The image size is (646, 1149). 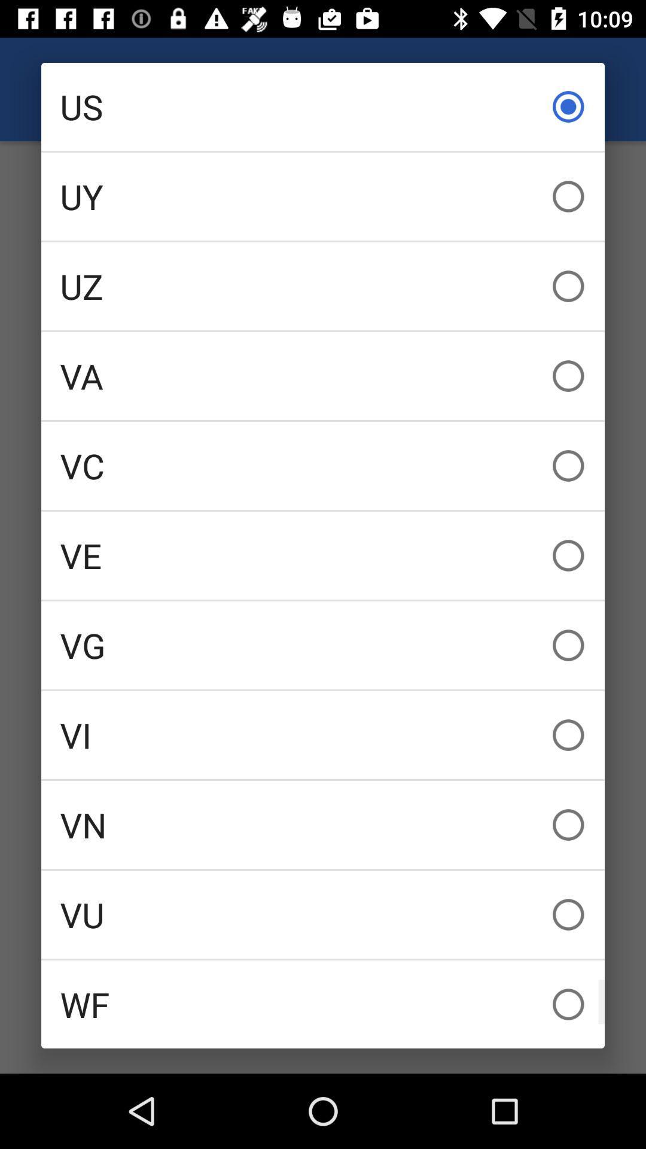 I want to click on the item above wf item, so click(x=323, y=914).